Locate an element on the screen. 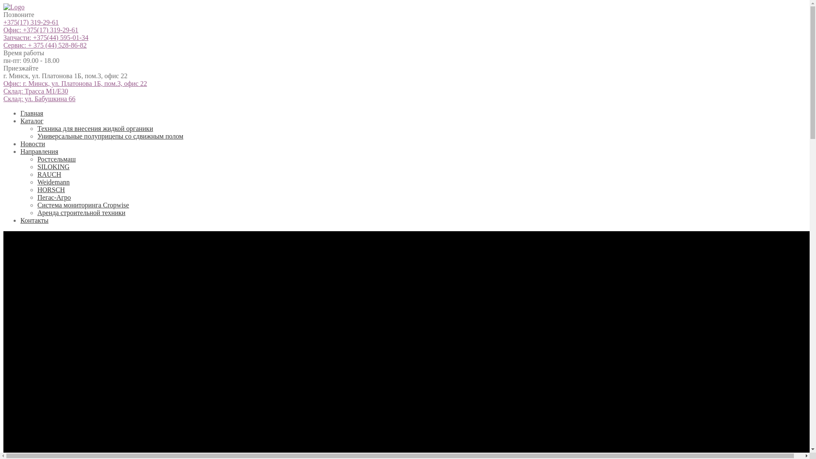 The height and width of the screenshot is (459, 816). 'SILOKING' is located at coordinates (53, 167).